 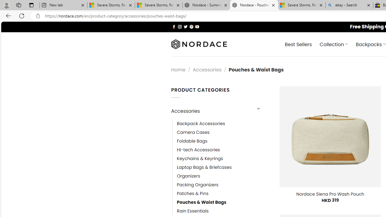 What do you see at coordinates (192, 211) in the screenshot?
I see `'Rain Essentials'` at bounding box center [192, 211].